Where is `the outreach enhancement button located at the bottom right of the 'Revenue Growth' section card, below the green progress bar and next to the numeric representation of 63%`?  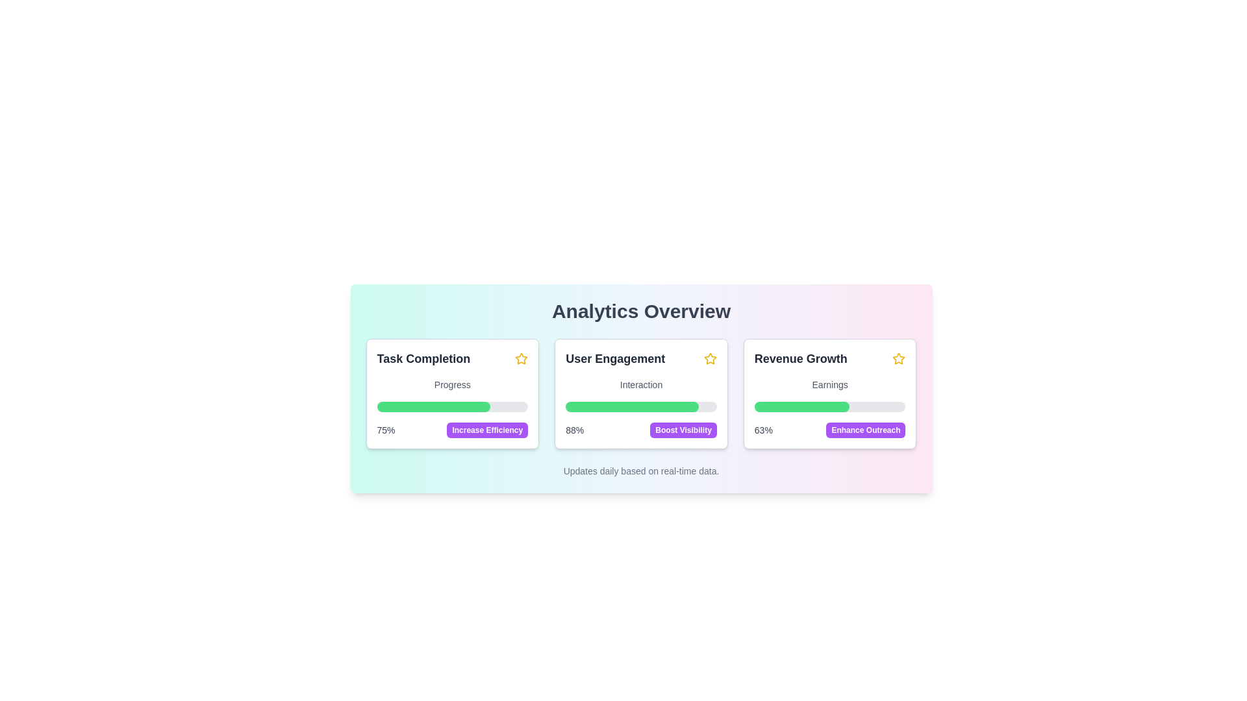 the outreach enhancement button located at the bottom right of the 'Revenue Growth' section card, below the green progress bar and next to the numeric representation of 63% is located at coordinates (866, 430).